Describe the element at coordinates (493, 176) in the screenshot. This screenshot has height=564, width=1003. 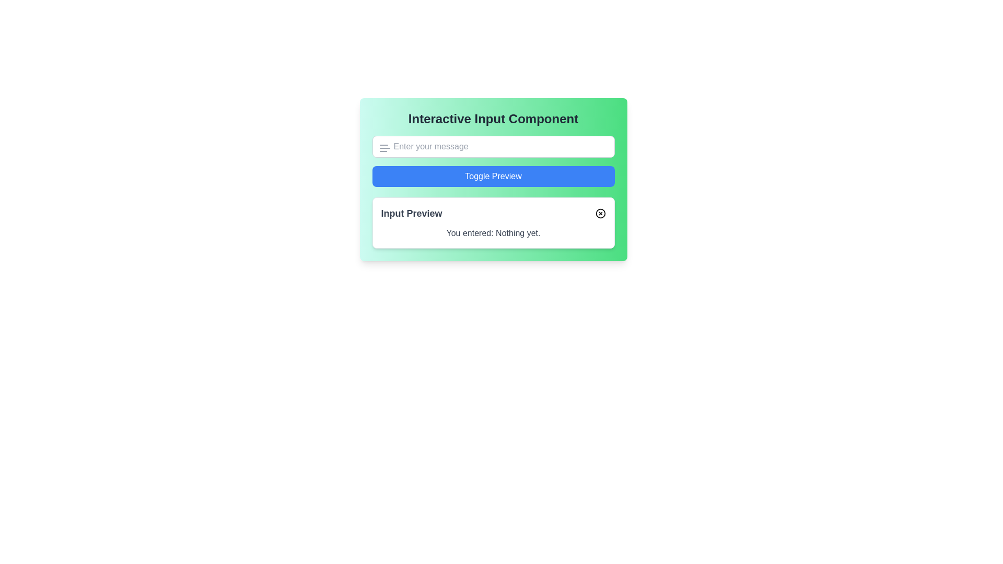
I see `the 'Toggle Preview' button, which is a rectangular button with rounded corners, blue background, and white text` at that location.